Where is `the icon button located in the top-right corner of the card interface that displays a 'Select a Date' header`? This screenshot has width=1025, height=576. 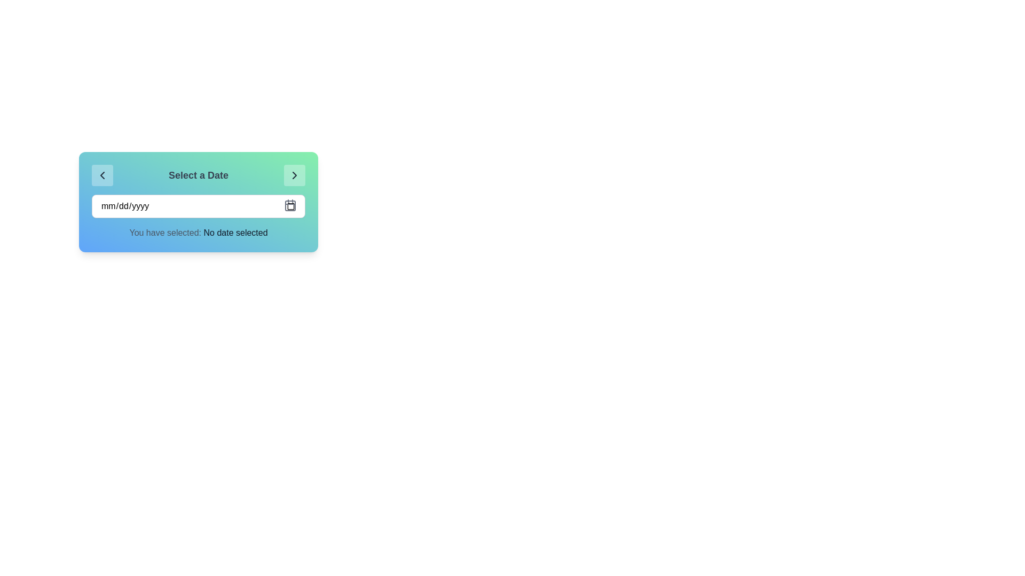
the icon button located in the top-right corner of the card interface that displays a 'Select a Date' header is located at coordinates (295, 174).